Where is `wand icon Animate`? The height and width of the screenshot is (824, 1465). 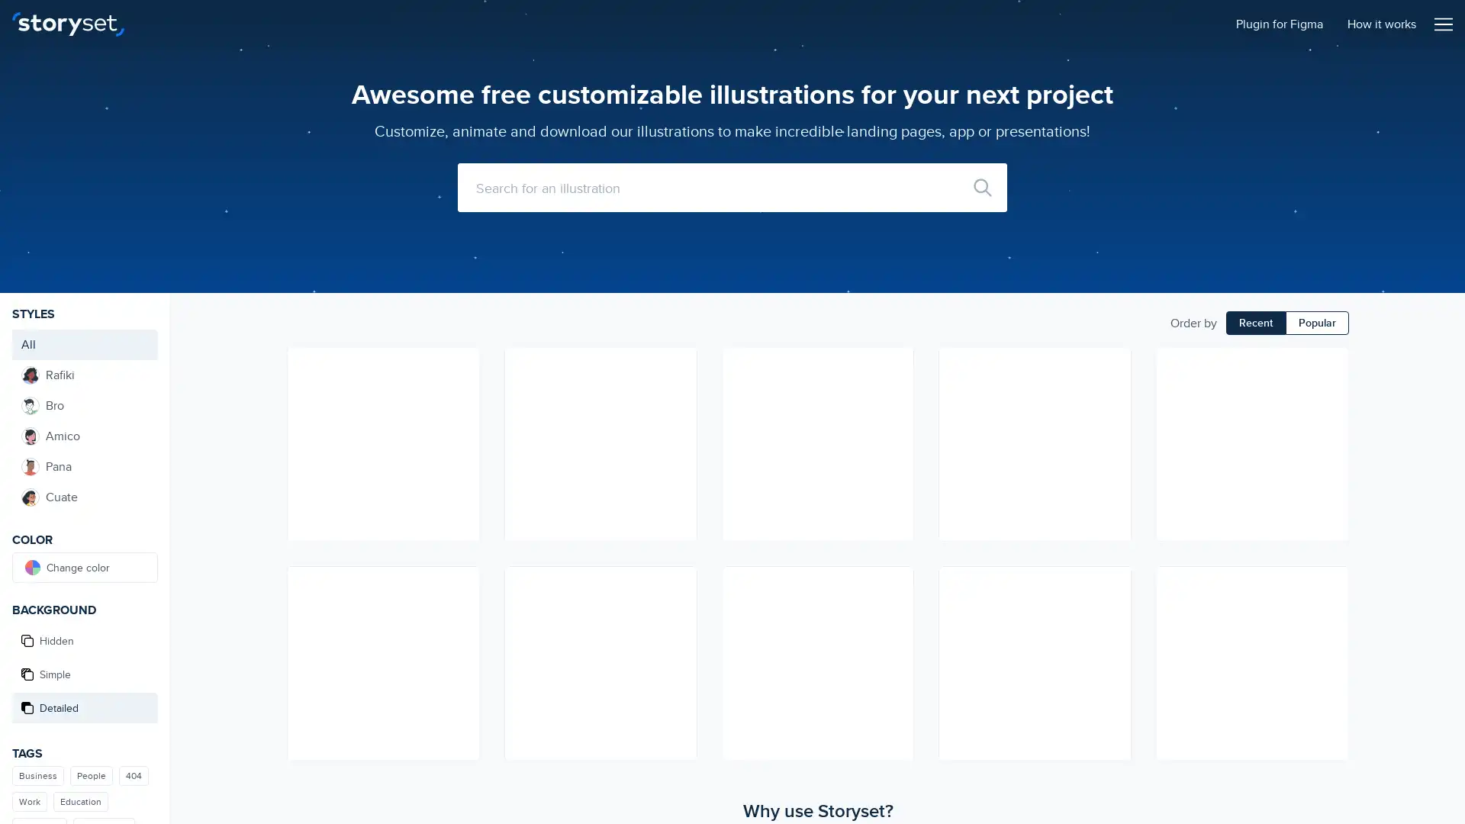
wand icon Animate is located at coordinates (1112, 584).